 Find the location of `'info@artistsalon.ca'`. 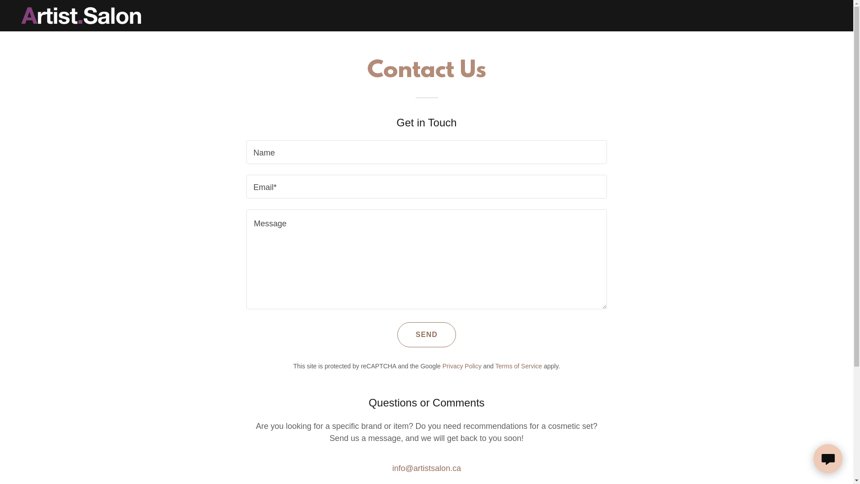

'info@artistsalon.ca' is located at coordinates (426, 468).